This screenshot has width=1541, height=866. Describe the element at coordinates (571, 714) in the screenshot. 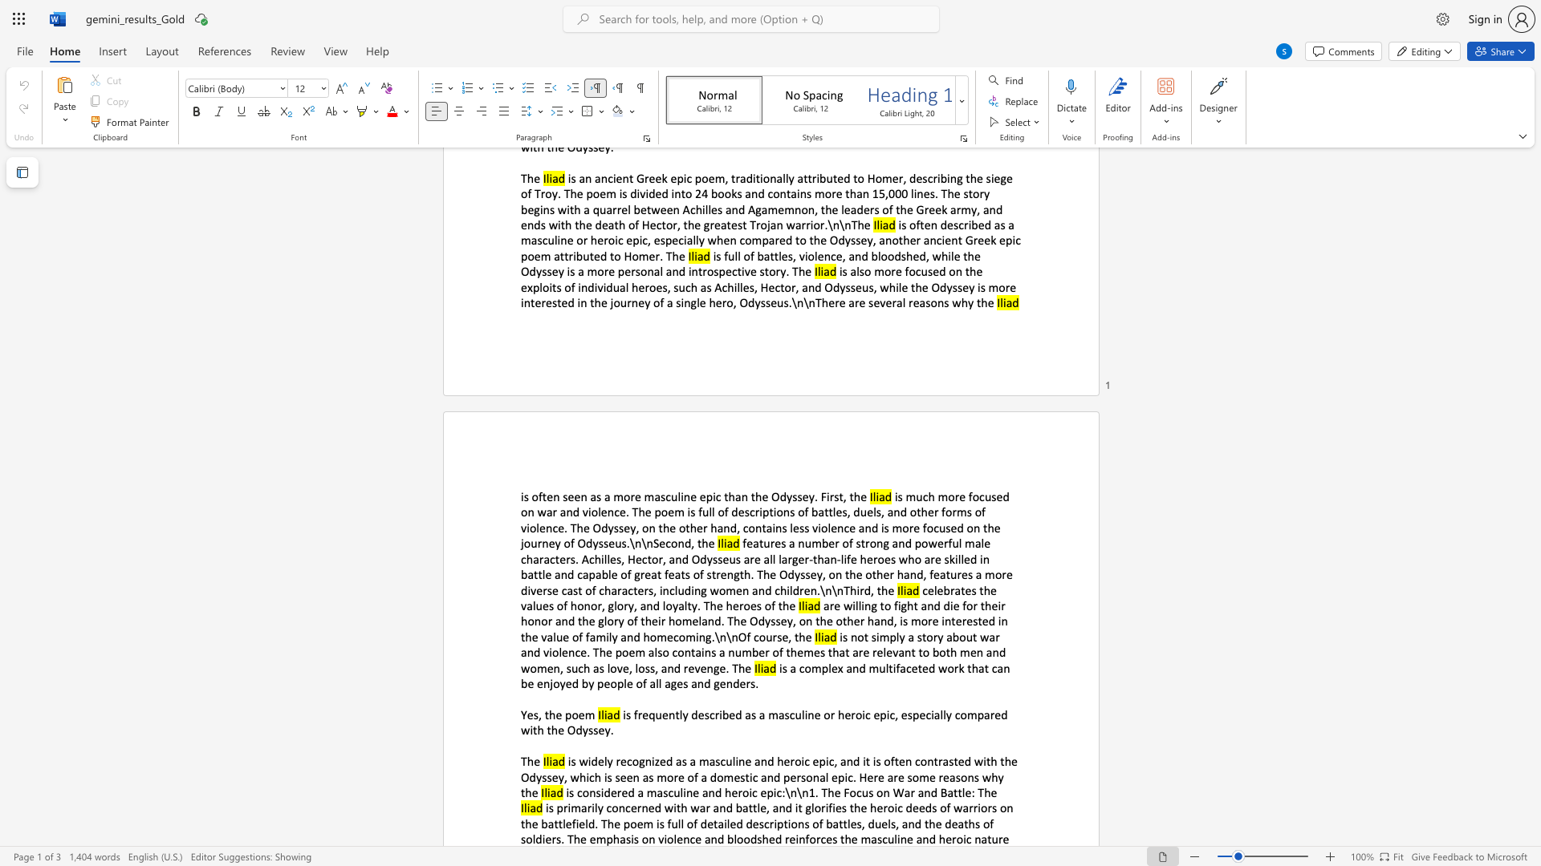

I see `the subset text "oem" within the text "Yes, the poem"` at that location.